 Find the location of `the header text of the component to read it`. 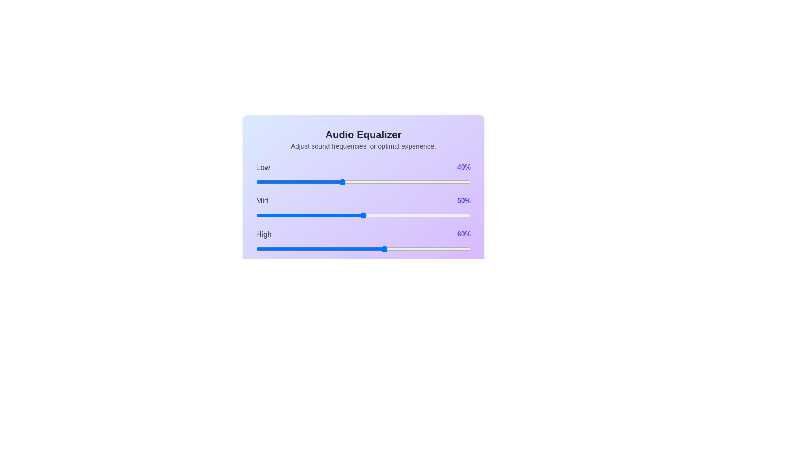

the header text of the component to read it is located at coordinates (364, 134).